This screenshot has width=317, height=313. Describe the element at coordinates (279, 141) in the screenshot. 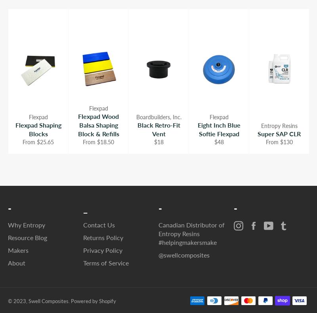

I see `'From $130'` at that location.